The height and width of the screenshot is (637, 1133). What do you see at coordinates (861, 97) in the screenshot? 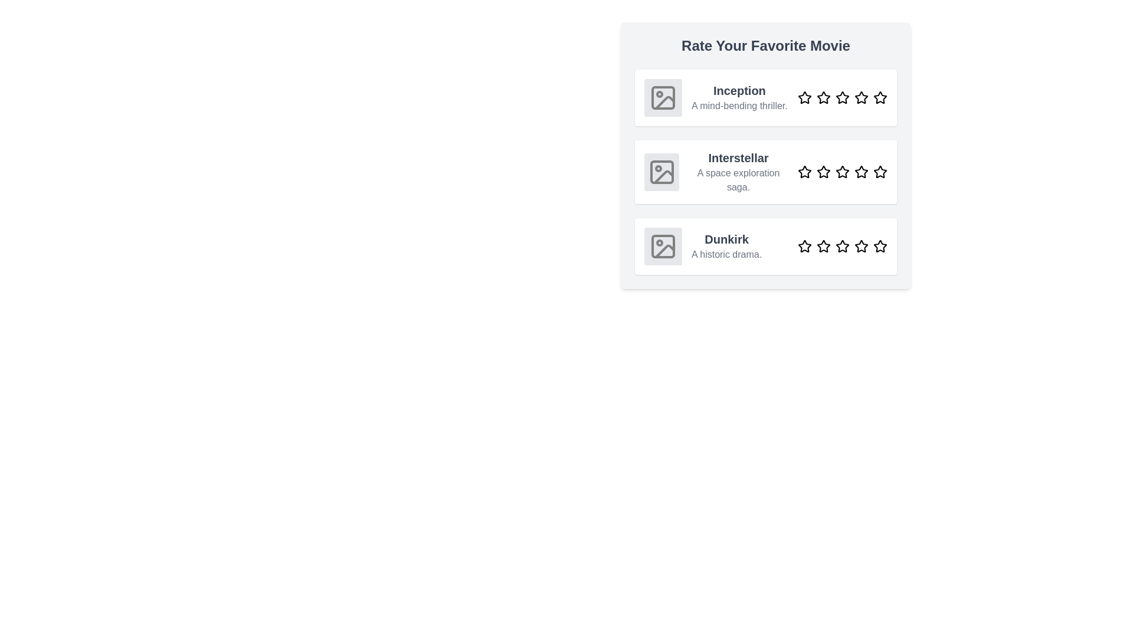
I see `the fourth star in the five-star rating component for the movie 'Inception'` at bounding box center [861, 97].